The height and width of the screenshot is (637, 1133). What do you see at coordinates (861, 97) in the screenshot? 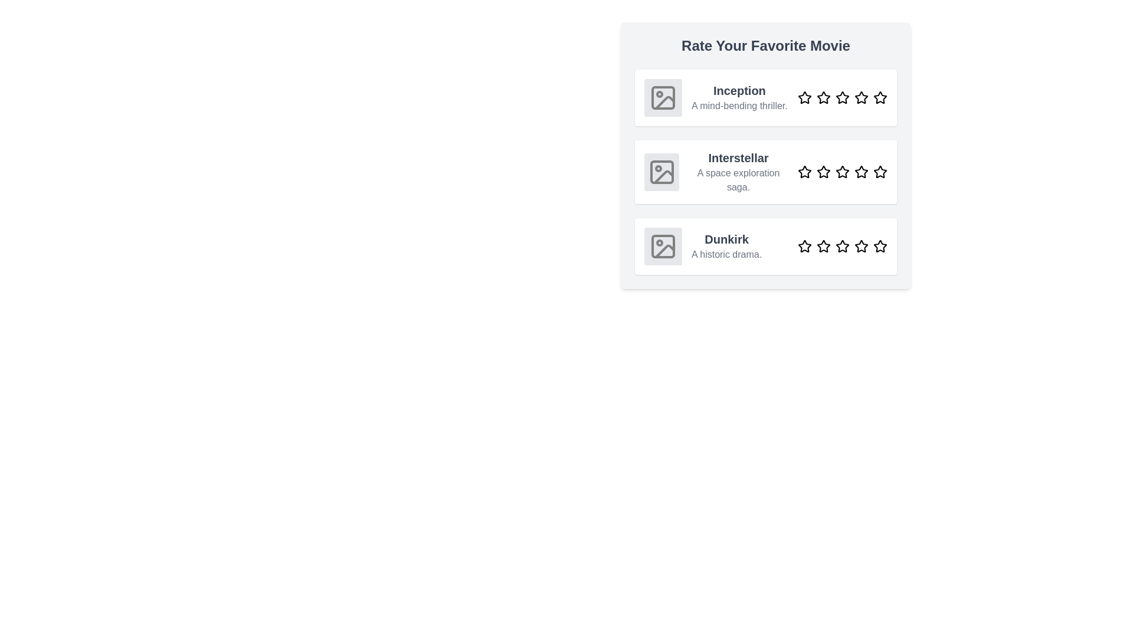
I see `the fourth star in the five-star rating component for the movie 'Inception'` at bounding box center [861, 97].